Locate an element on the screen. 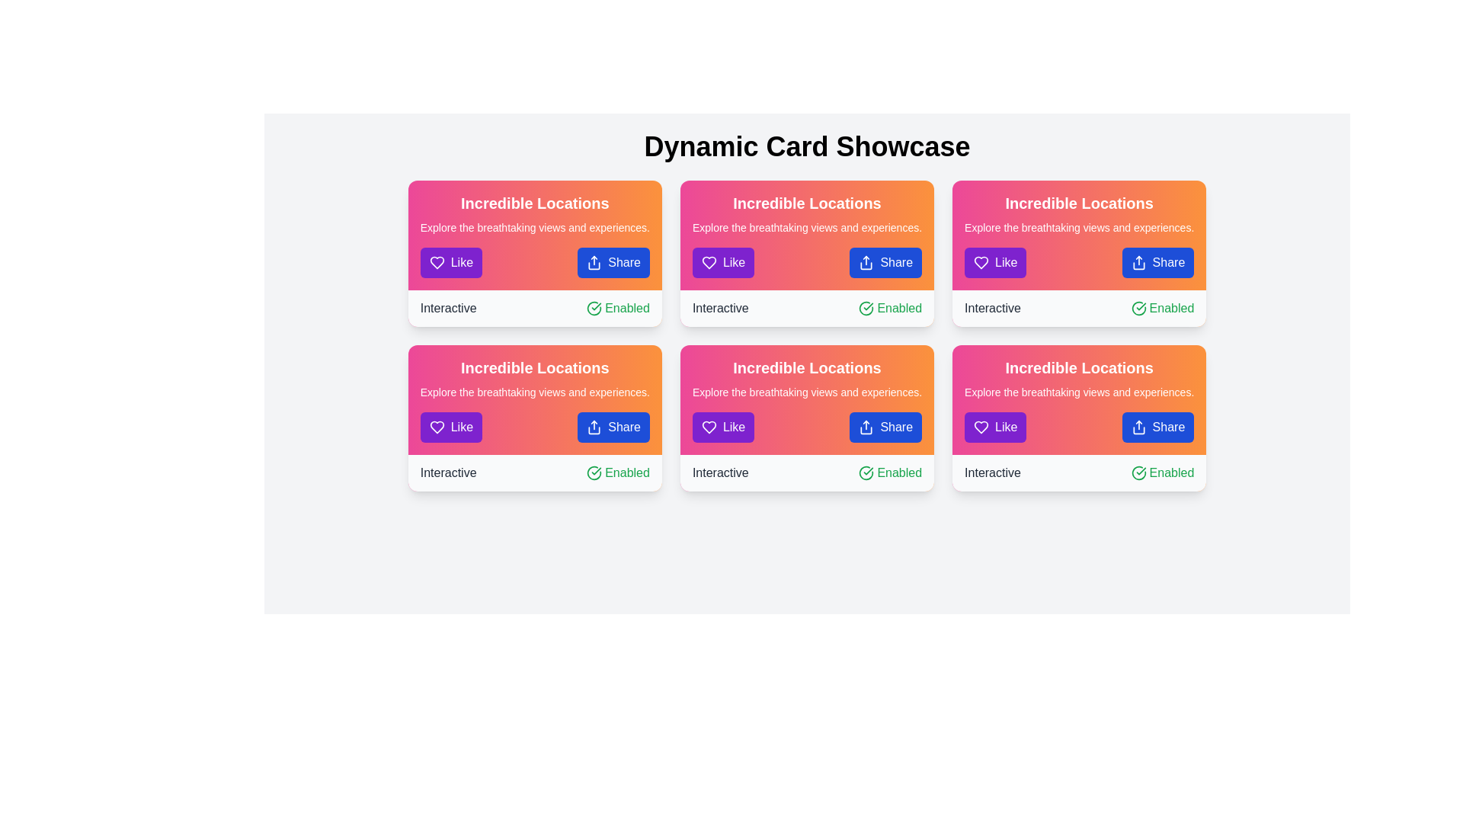 This screenshot has height=823, width=1463. informational text label located in the top row of the card grid, specifically the third card from the left, positioned beneath the 'Like' and 'Share' buttons is located at coordinates (992, 309).